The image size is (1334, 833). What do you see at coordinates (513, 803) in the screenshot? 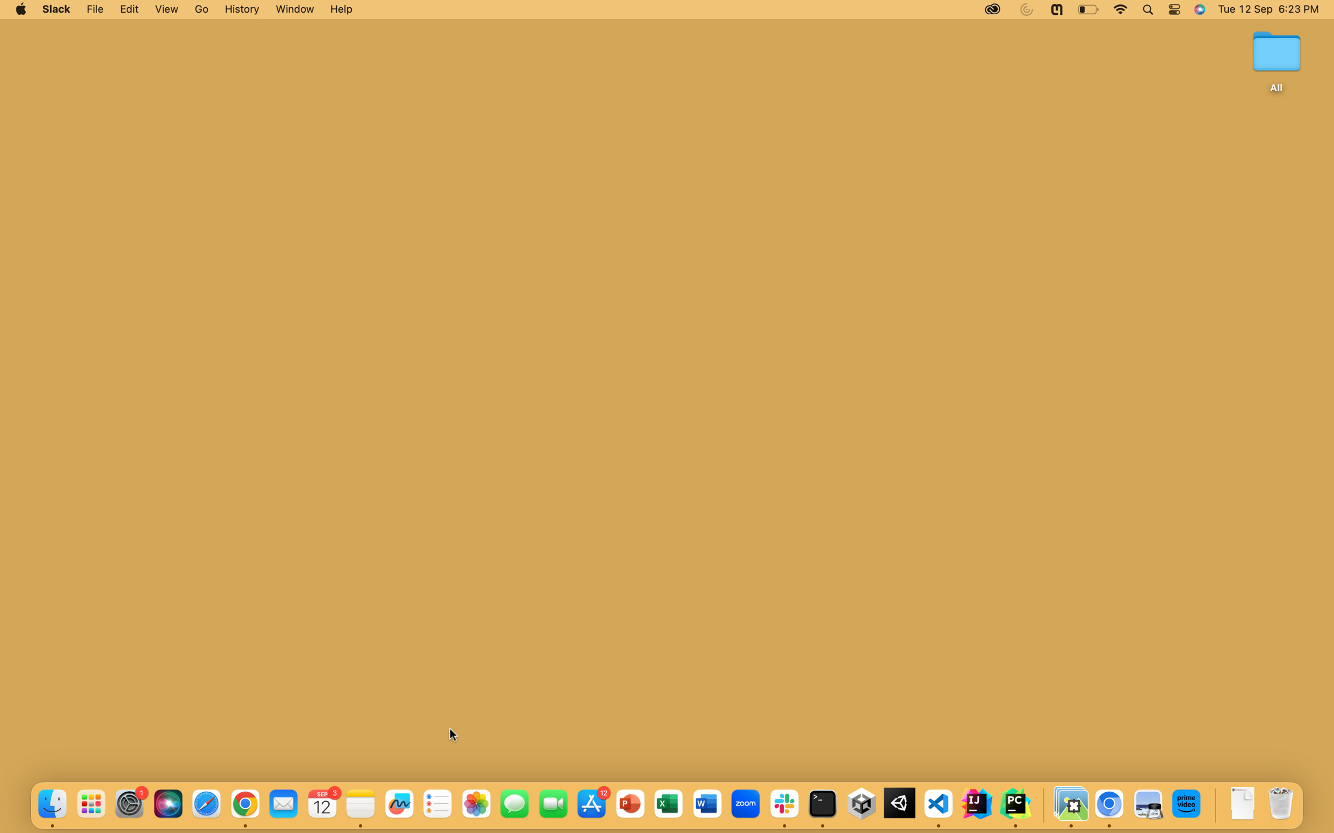
I see `the Messages App by pressing its icon at the bottom of the interface` at bounding box center [513, 803].